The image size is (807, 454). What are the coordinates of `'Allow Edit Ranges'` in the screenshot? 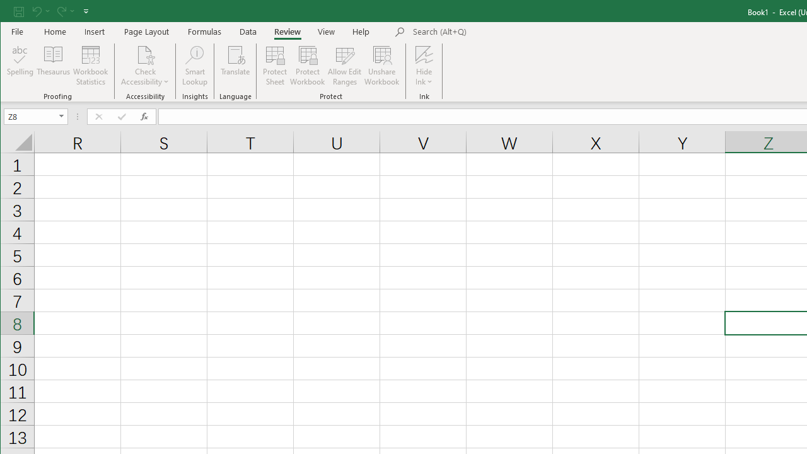 It's located at (345, 66).